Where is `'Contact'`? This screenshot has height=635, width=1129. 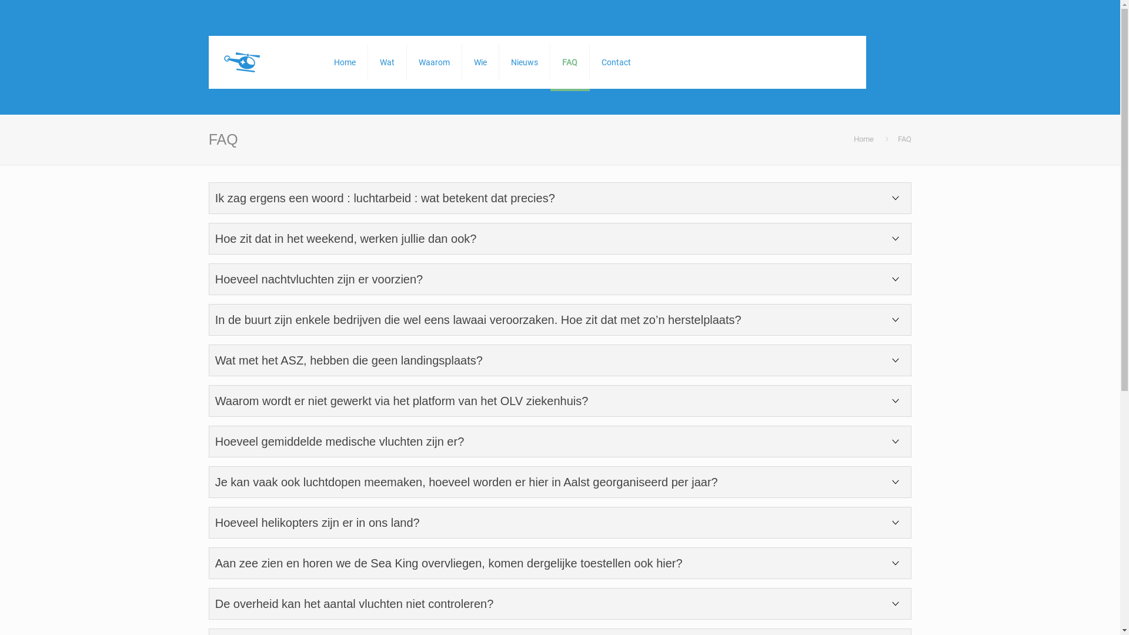 'Contact' is located at coordinates (615, 62).